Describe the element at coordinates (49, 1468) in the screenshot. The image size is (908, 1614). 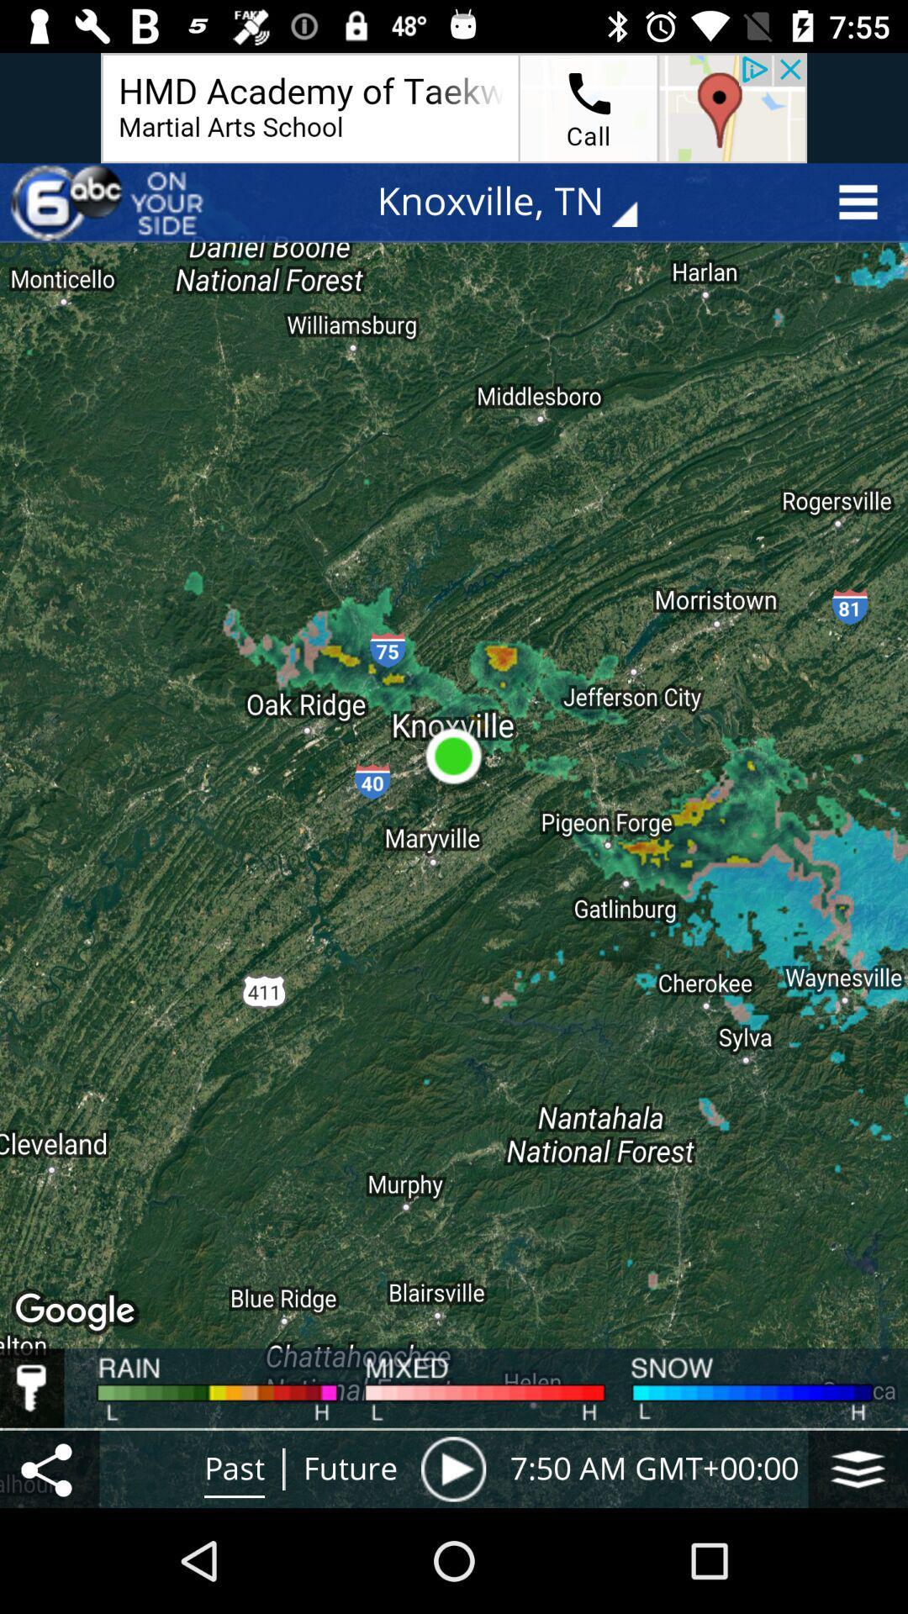
I see `the item to the left of past item` at that location.